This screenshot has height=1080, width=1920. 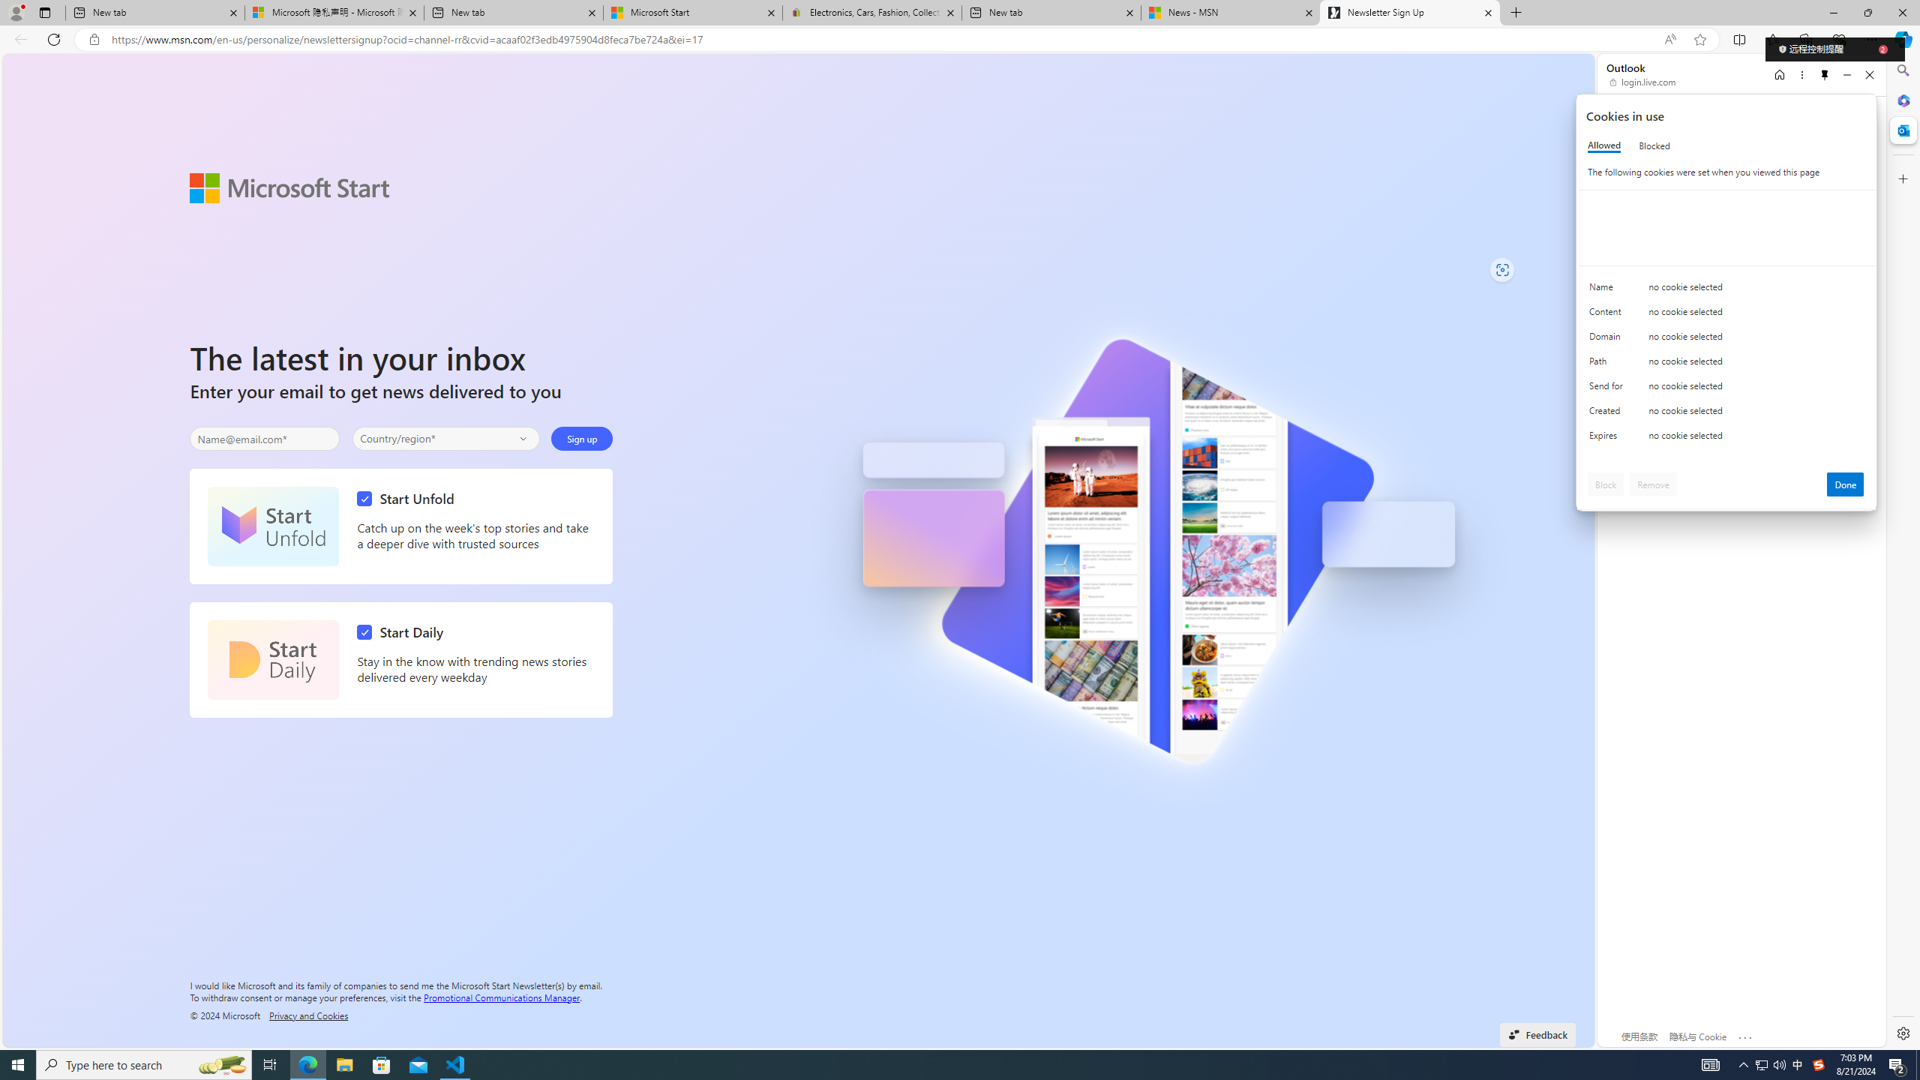 I want to click on 'Send for', so click(x=1608, y=388).